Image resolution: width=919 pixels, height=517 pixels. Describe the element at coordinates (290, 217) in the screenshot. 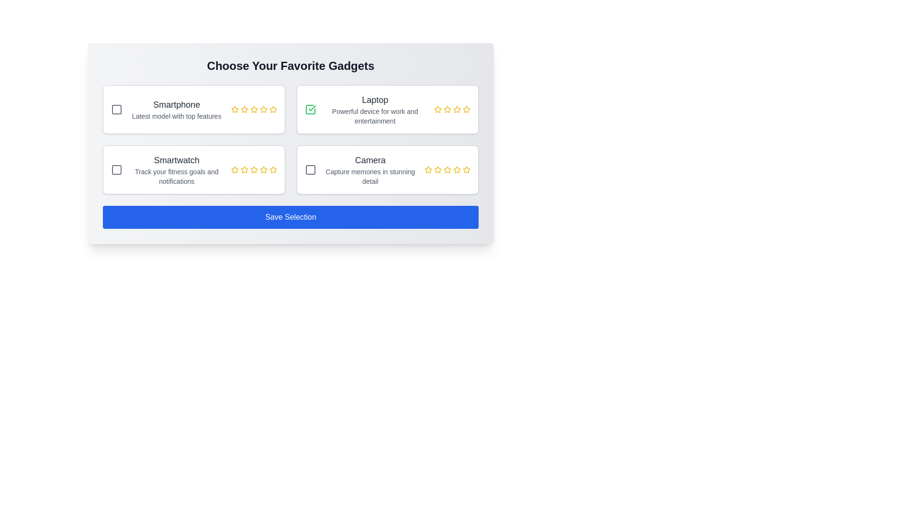

I see `the submission button located below the 'Choose Your Favorite Gadgets' grid` at that location.